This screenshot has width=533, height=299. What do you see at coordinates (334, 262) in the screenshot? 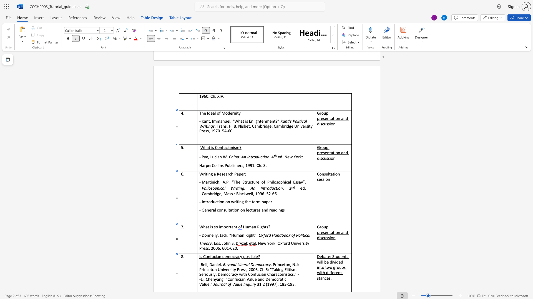
I see `the 1th character "v" in the text` at bounding box center [334, 262].